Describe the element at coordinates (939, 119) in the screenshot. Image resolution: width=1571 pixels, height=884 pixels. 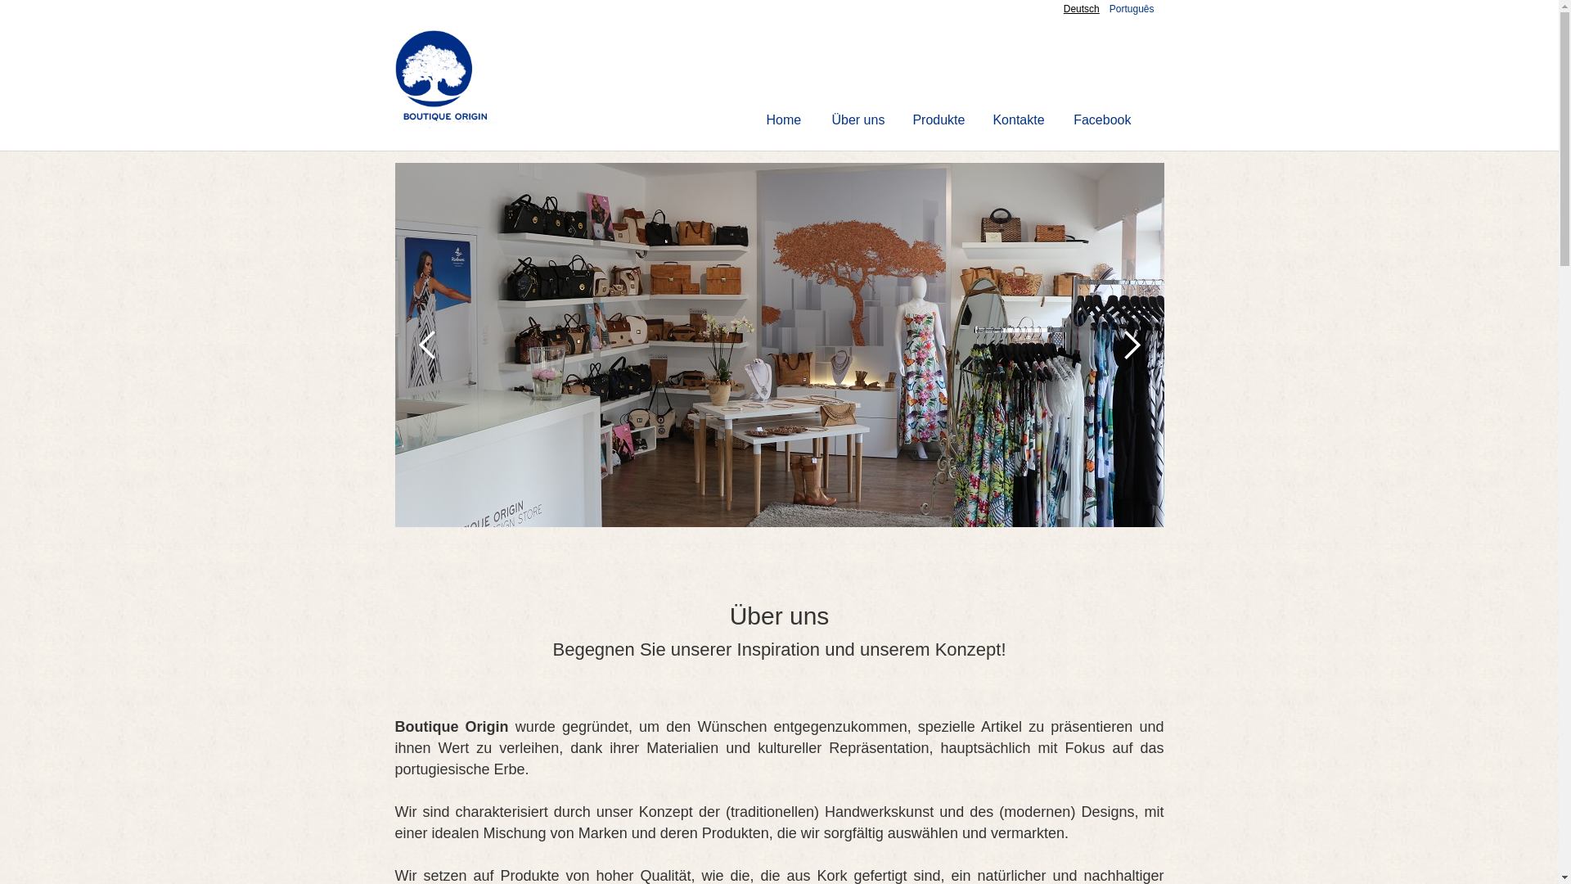
I see `'Produkte'` at that location.